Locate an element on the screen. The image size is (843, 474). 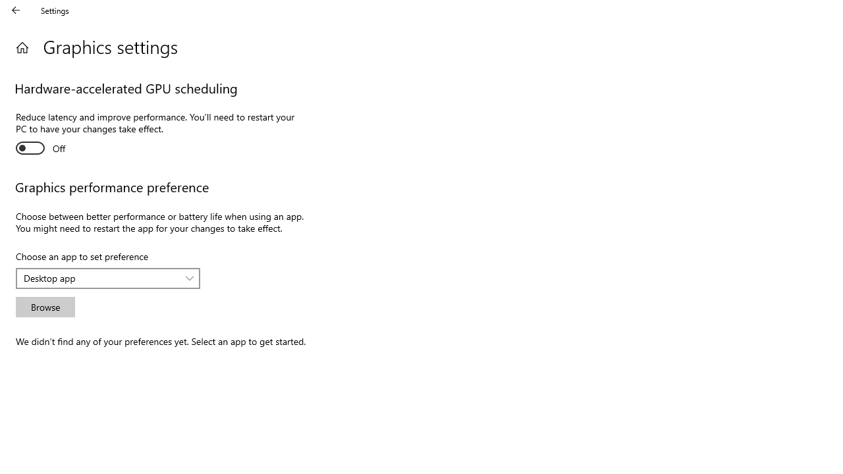
'Choose an app to set preference' is located at coordinates (108, 278).